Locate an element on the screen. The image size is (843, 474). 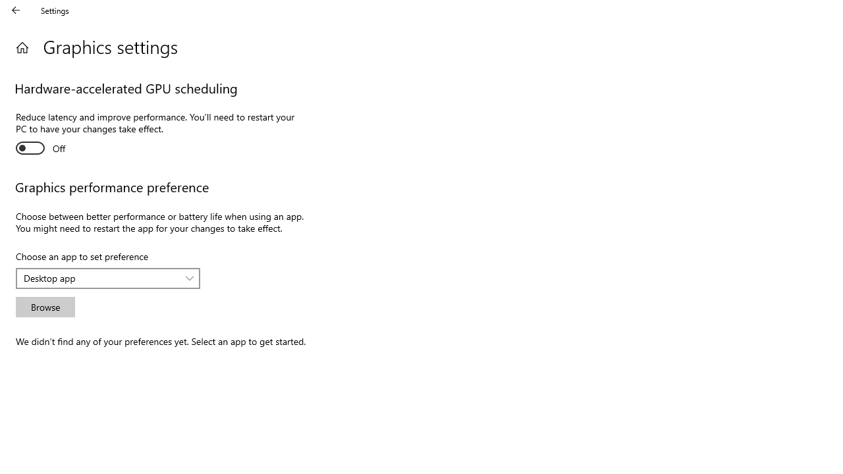
'Choose an app to set preference' is located at coordinates (108, 278).